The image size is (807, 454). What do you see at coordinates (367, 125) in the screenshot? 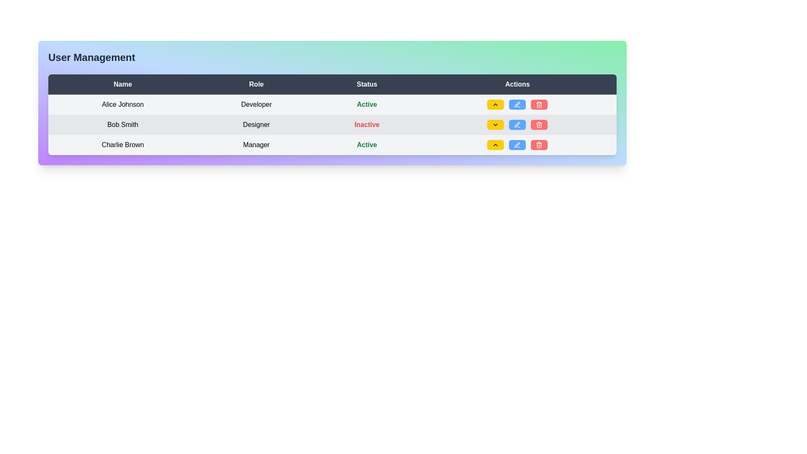
I see `the Static Text Label displaying 'Inactive' in red within the 'Status' column of the 'User Management' table for user 'Bob Smith', who has the role 'Designer'` at bounding box center [367, 125].